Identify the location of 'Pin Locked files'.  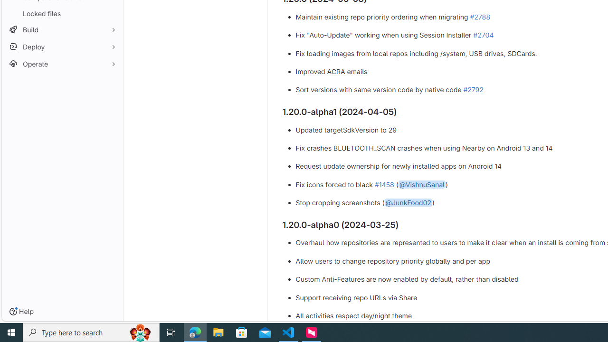
(111, 13).